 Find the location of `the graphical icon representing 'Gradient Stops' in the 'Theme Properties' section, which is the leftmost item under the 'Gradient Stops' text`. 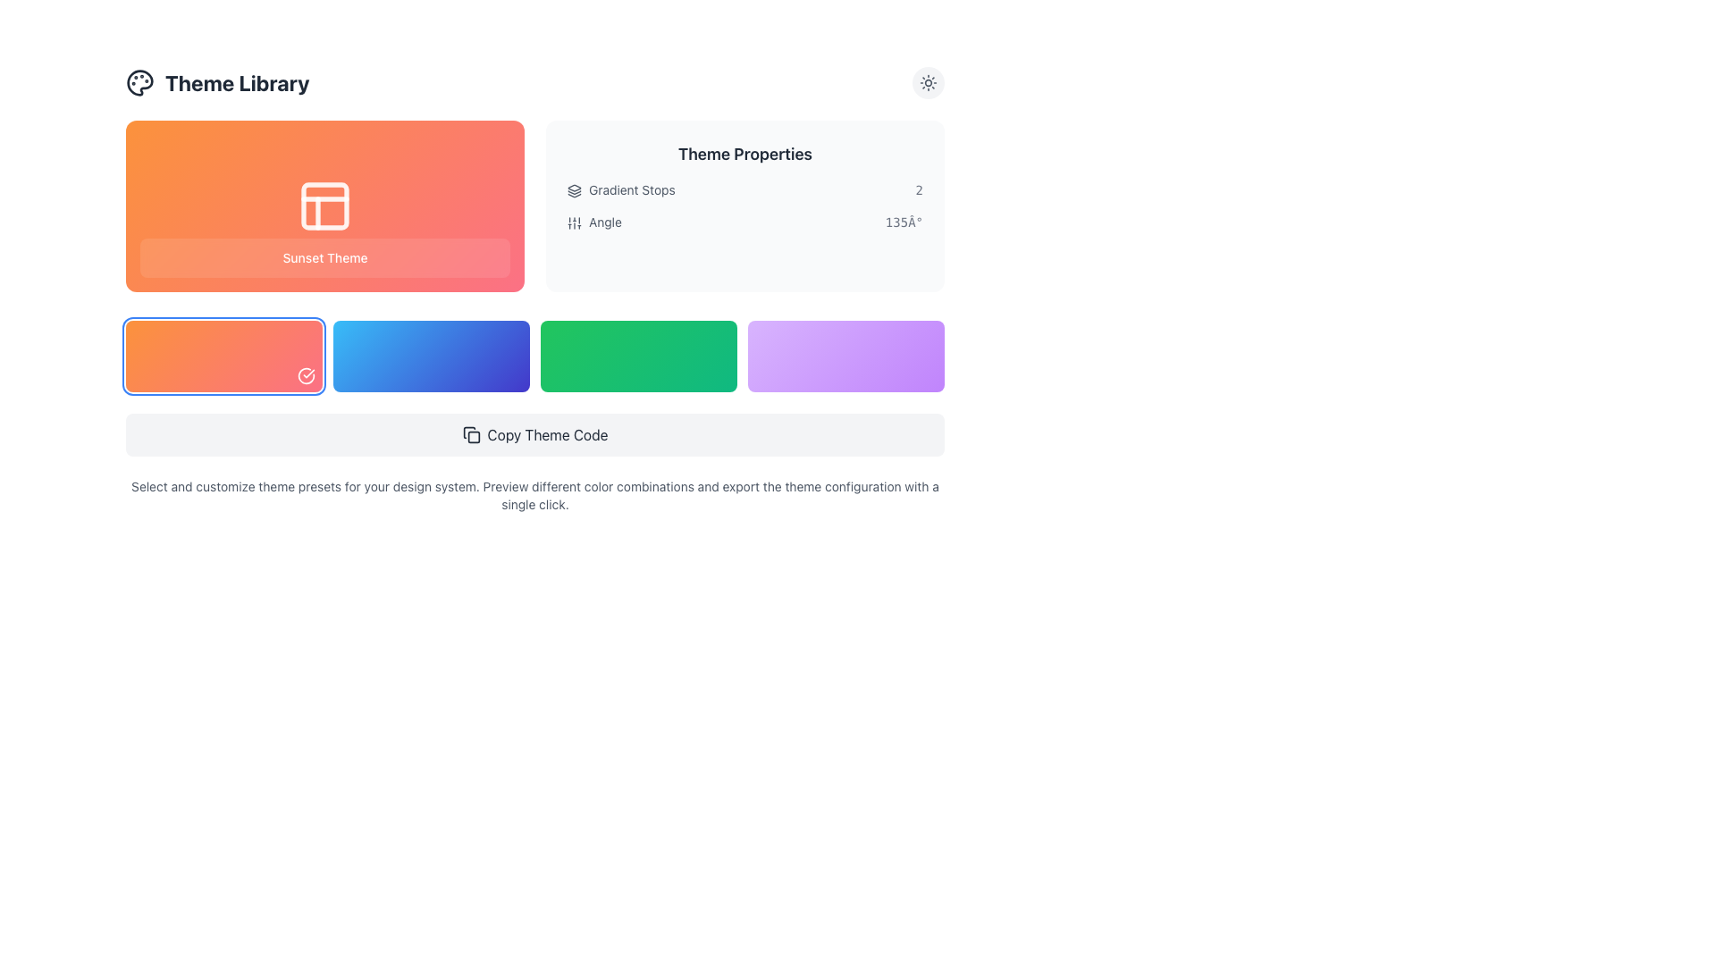

the graphical icon representing 'Gradient Stops' in the 'Theme Properties' section, which is the leftmost item under the 'Gradient Stops' text is located at coordinates (575, 190).